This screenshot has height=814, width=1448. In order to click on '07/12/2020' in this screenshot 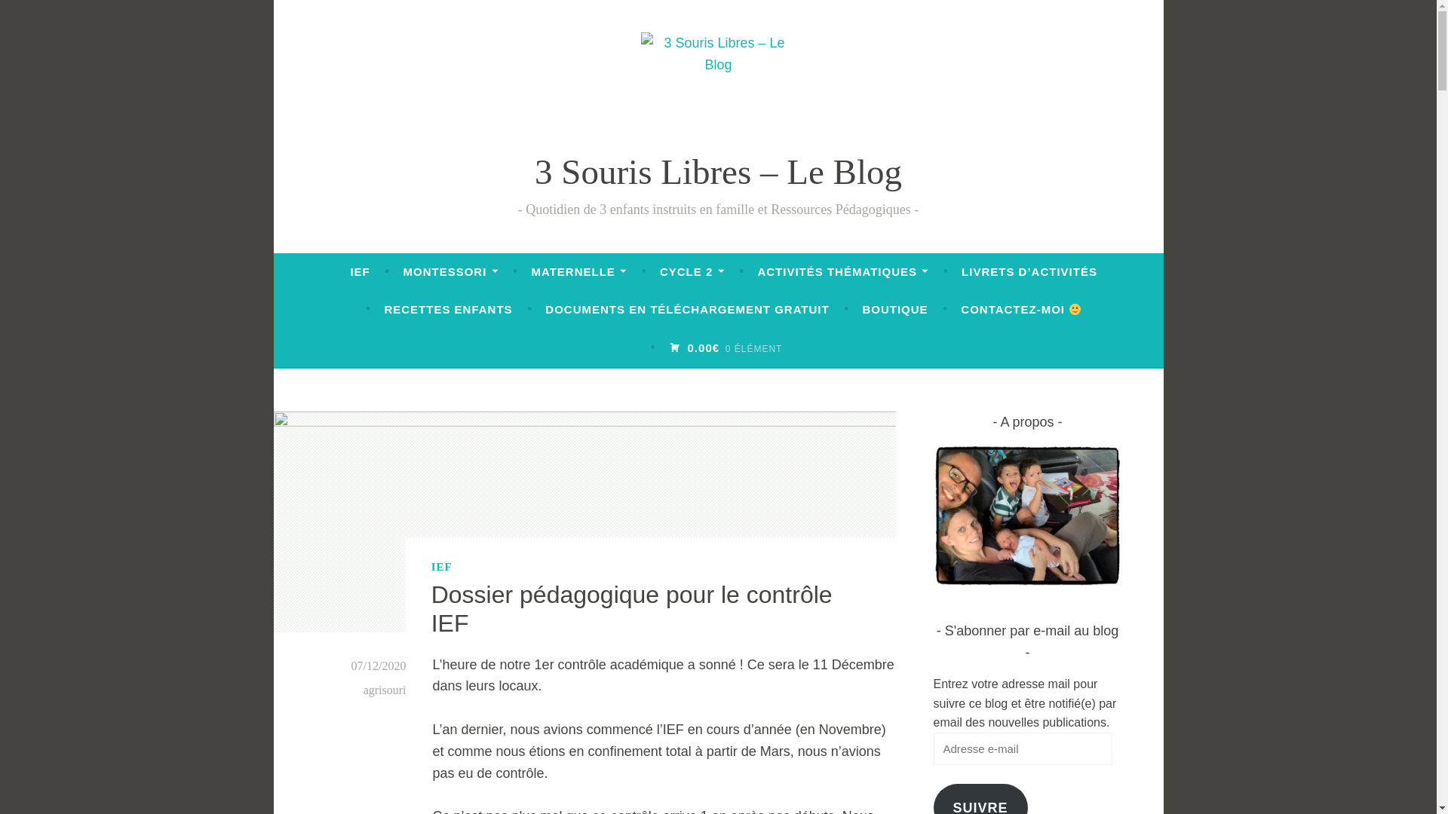, I will do `click(350, 665)`.